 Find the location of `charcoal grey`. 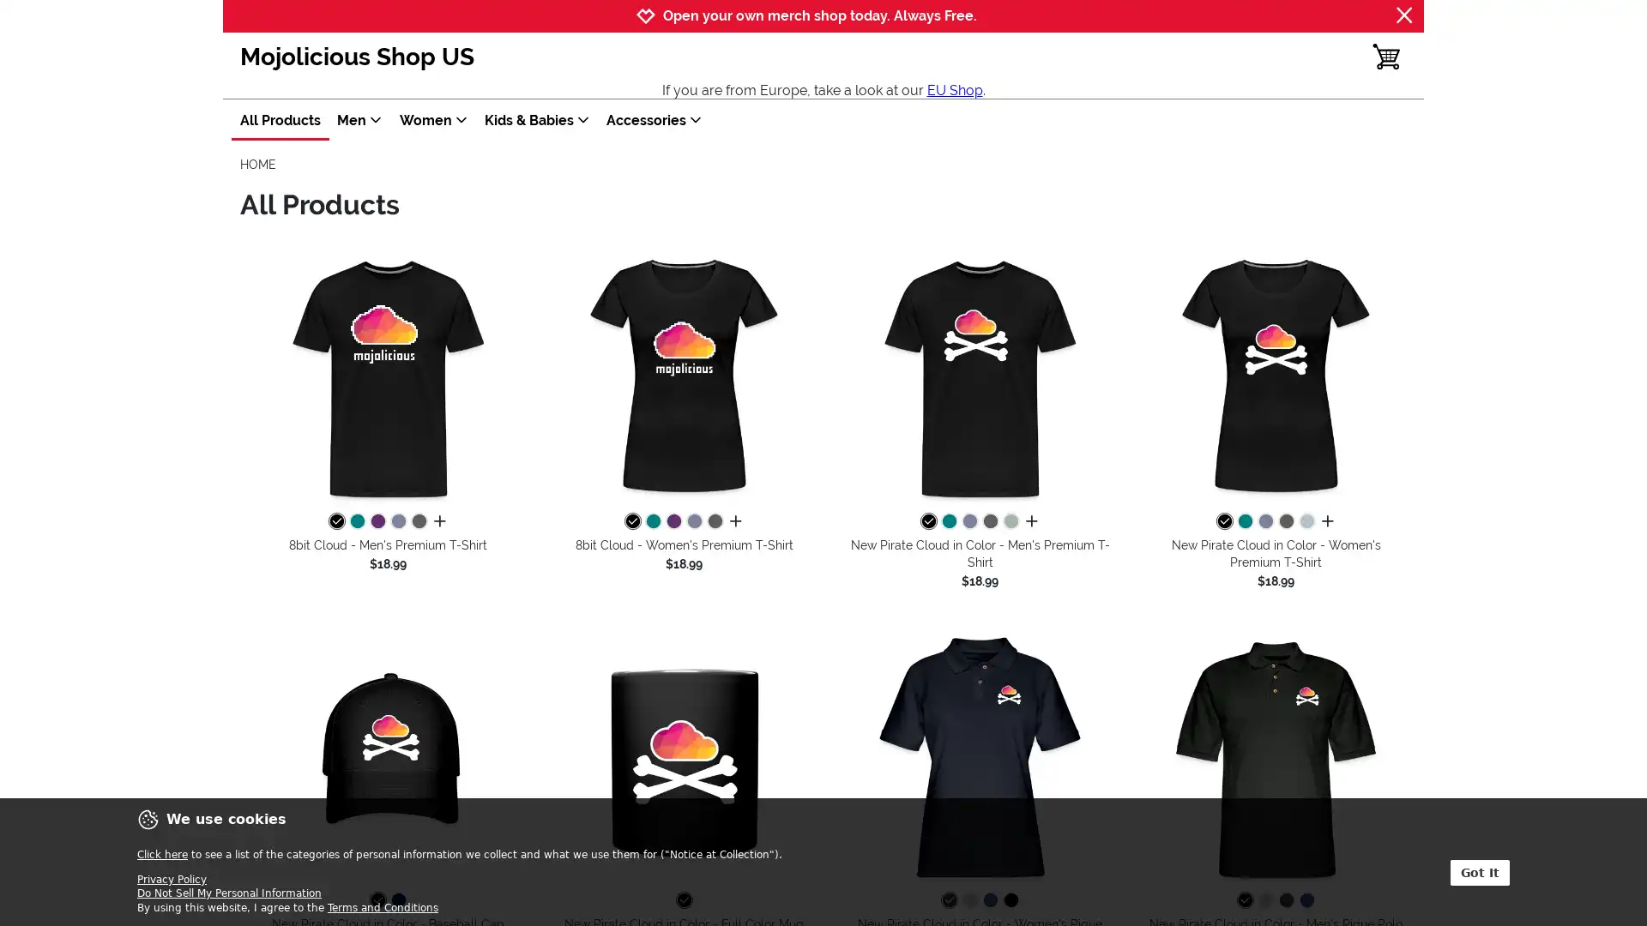

charcoal grey is located at coordinates (715, 521).